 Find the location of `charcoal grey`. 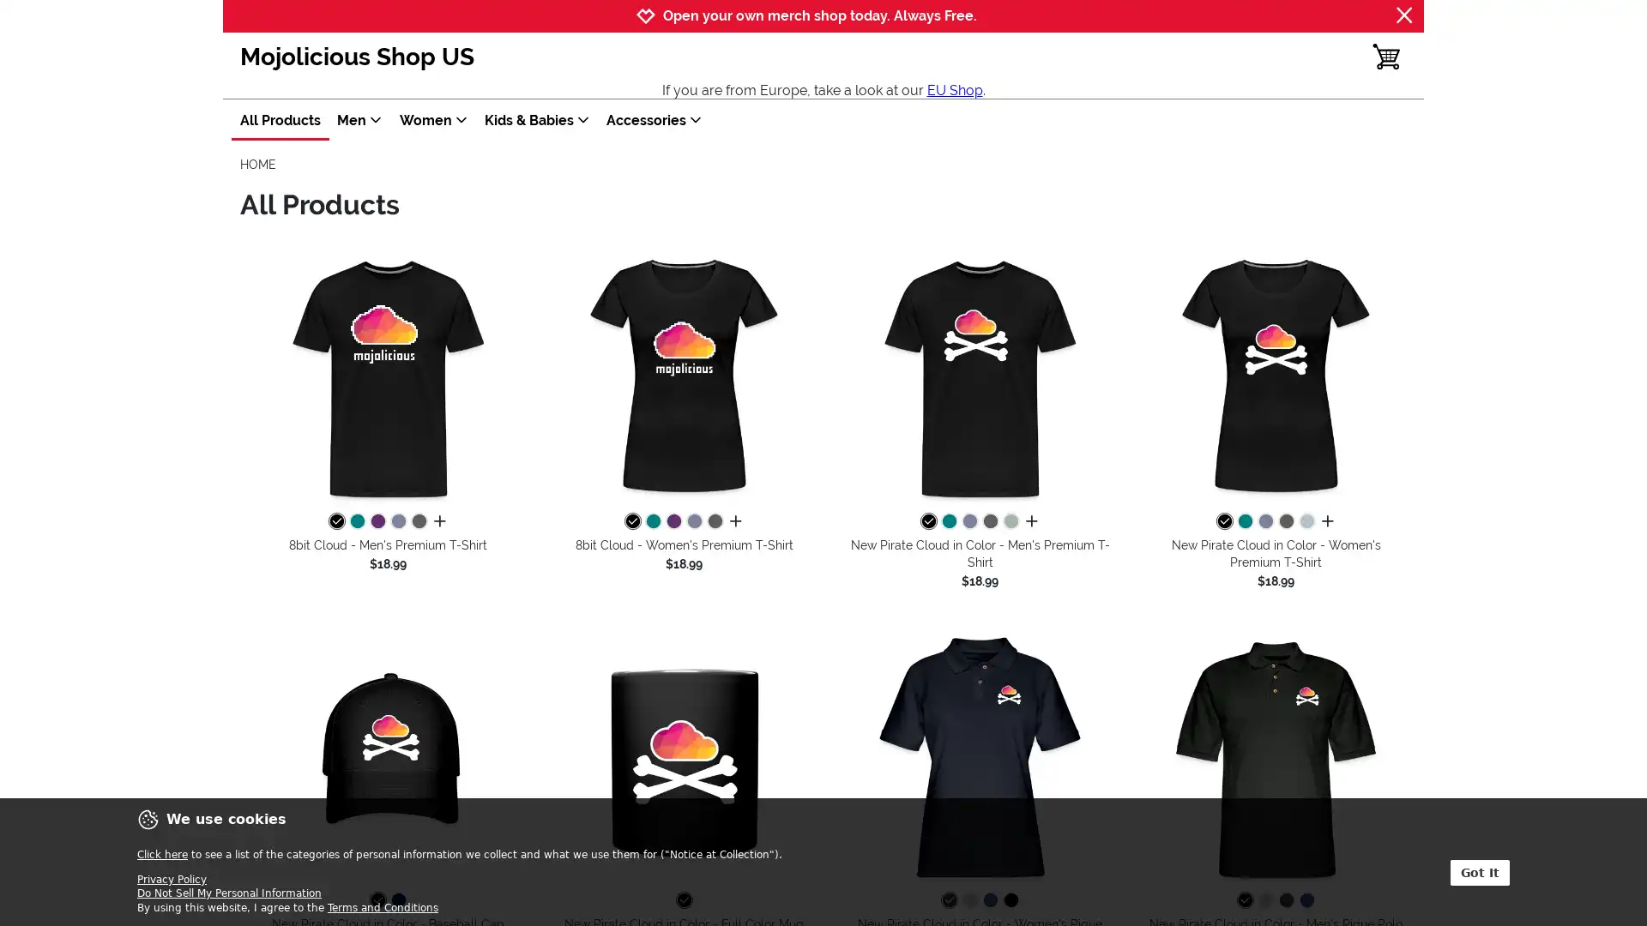

charcoal grey is located at coordinates (715, 521).